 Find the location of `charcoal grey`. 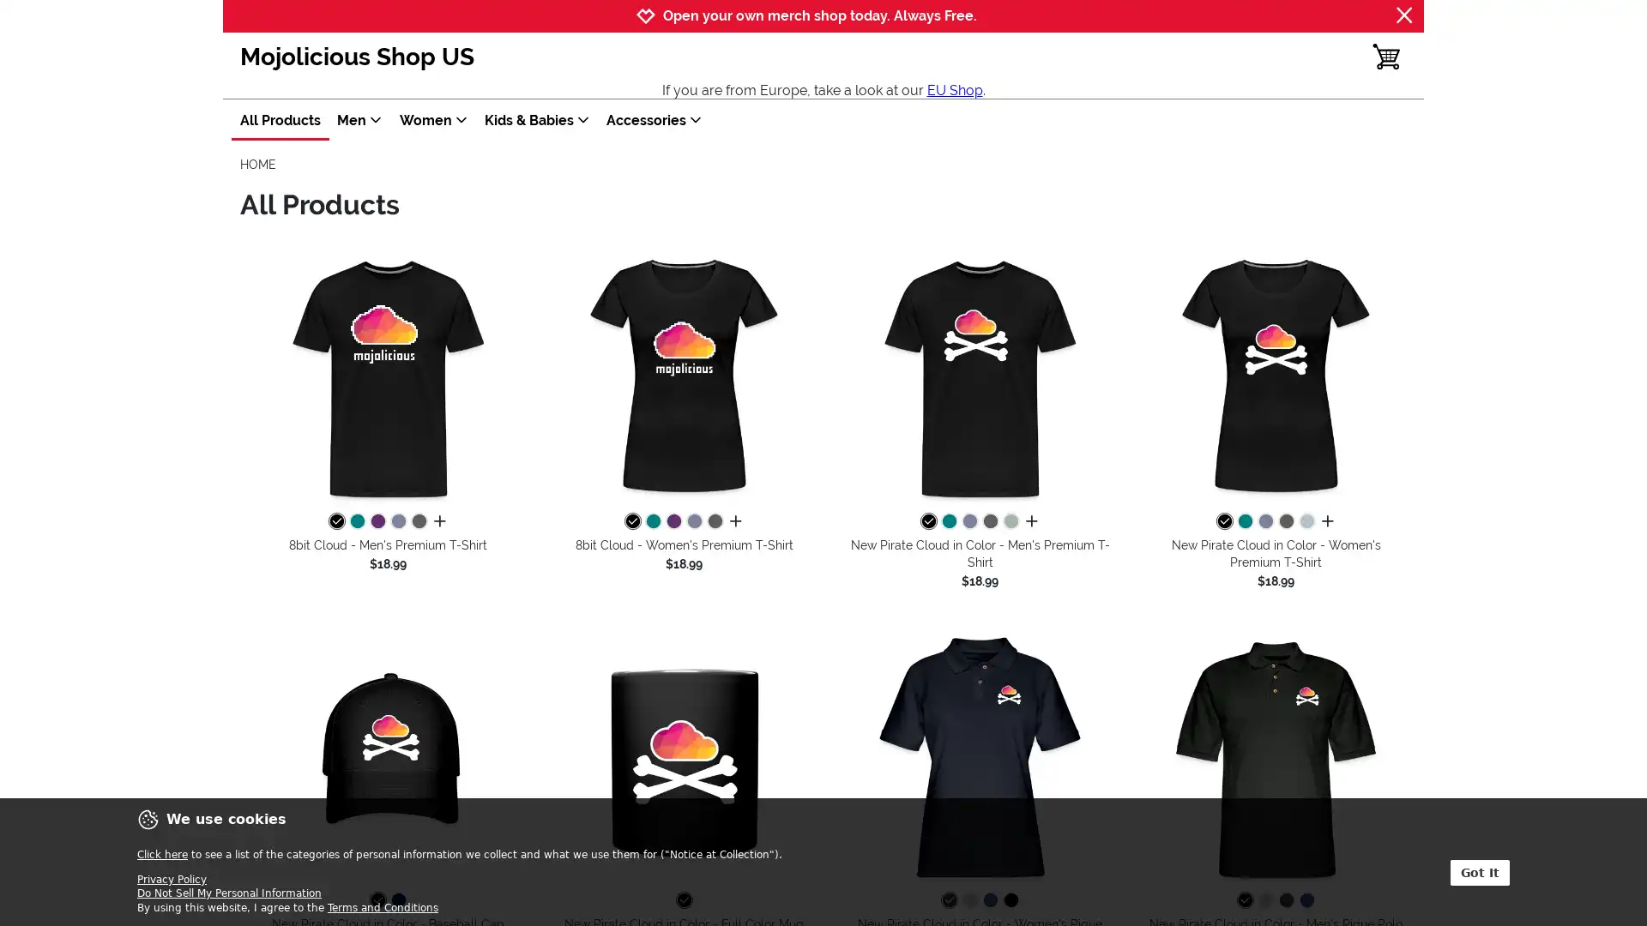

charcoal grey is located at coordinates (715, 521).